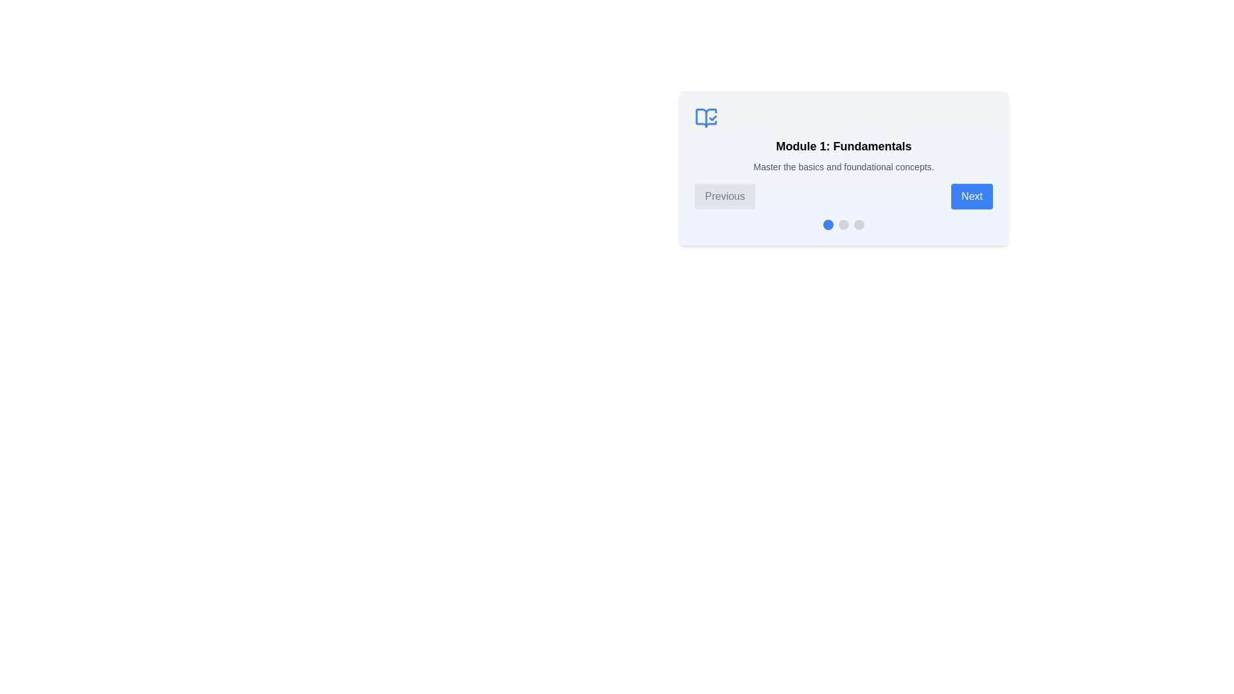 This screenshot has height=694, width=1234. What do you see at coordinates (706, 118) in the screenshot?
I see `the current module icon to view it` at bounding box center [706, 118].